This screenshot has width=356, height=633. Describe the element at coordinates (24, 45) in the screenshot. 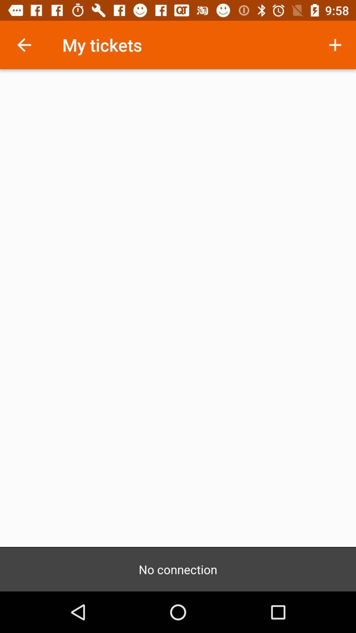

I see `item next to the my tickets` at that location.